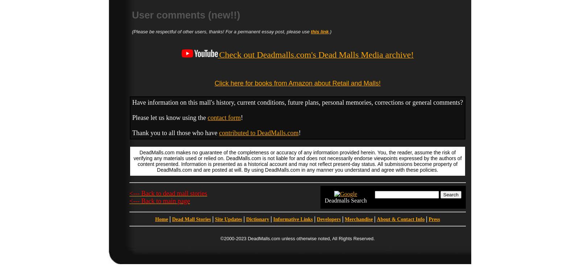  I want to click on 'DeadMalls.com makes no guarantee of the completeness or accuracy of any
information provided herein. You, the reader, assume the risk of verifying
any materials used or relied on. DeadMalls.com is not liable for and does
not necessarily endorse viewpoints expressed by the authors of
content presented. Information is presented as a historical account and may not reflect
present-day status. All submissions become property of DeadMalls.com and are posted at will.
By using DeadMalls.com in any manner you understand and agree with these policies.', so click(297, 160).